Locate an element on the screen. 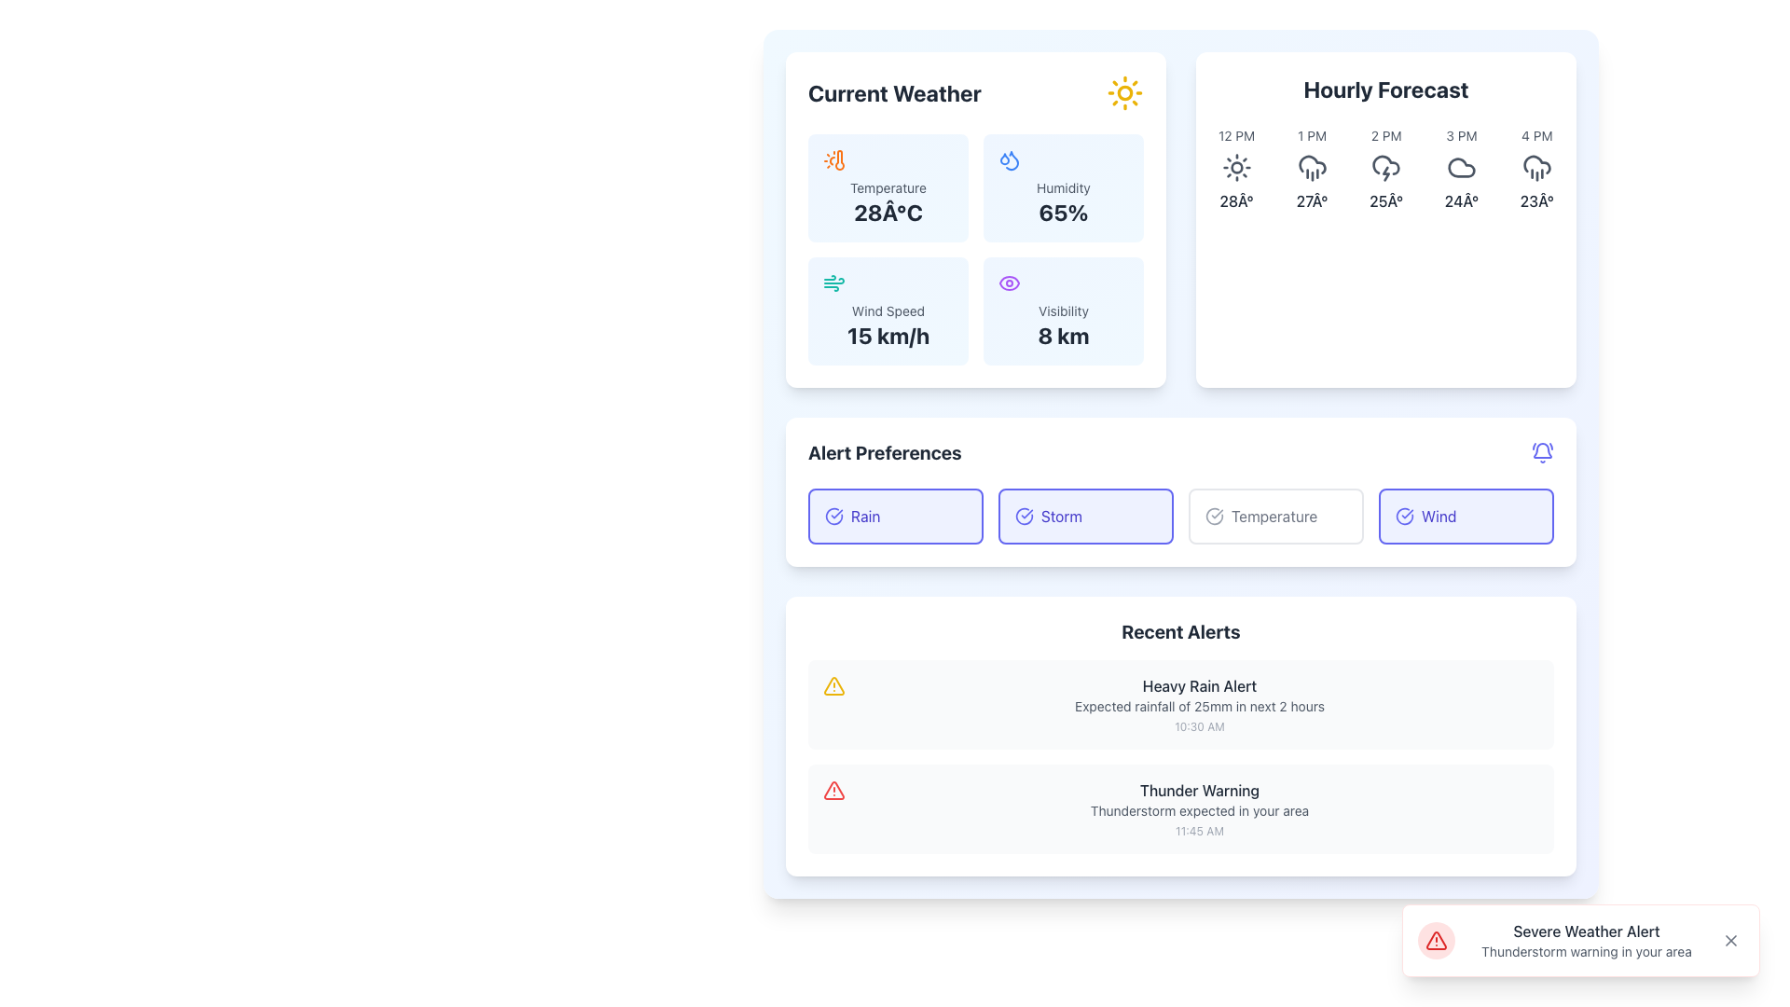 This screenshot has height=1007, width=1790. the eye icon in the 'Visibility' section of the 'Current Weather' card, which is located in the top-left quadrant of the interface is located at coordinates (1009, 283).